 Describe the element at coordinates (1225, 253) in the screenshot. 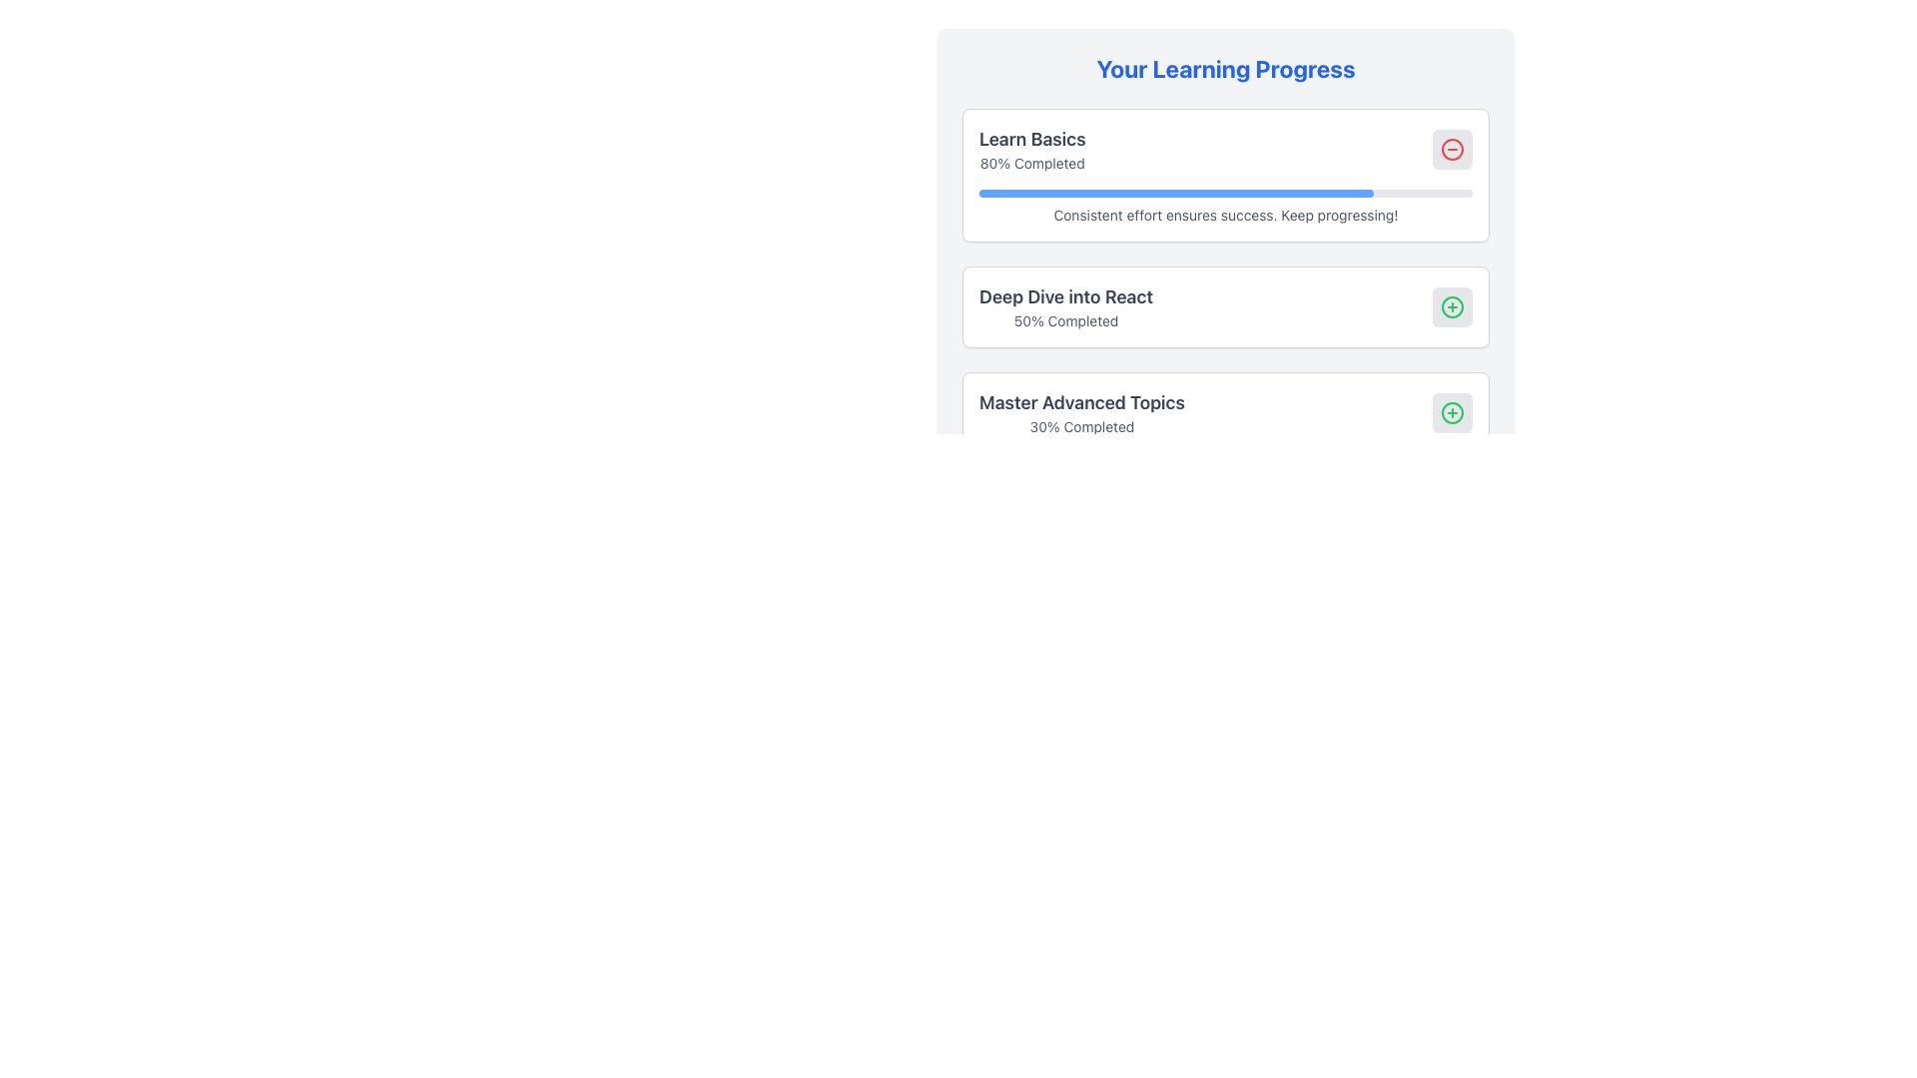

I see `the individual progress items in the Progress Card or Dashboard Section, which is centrally located in the middle-right area of the viewport` at that location.